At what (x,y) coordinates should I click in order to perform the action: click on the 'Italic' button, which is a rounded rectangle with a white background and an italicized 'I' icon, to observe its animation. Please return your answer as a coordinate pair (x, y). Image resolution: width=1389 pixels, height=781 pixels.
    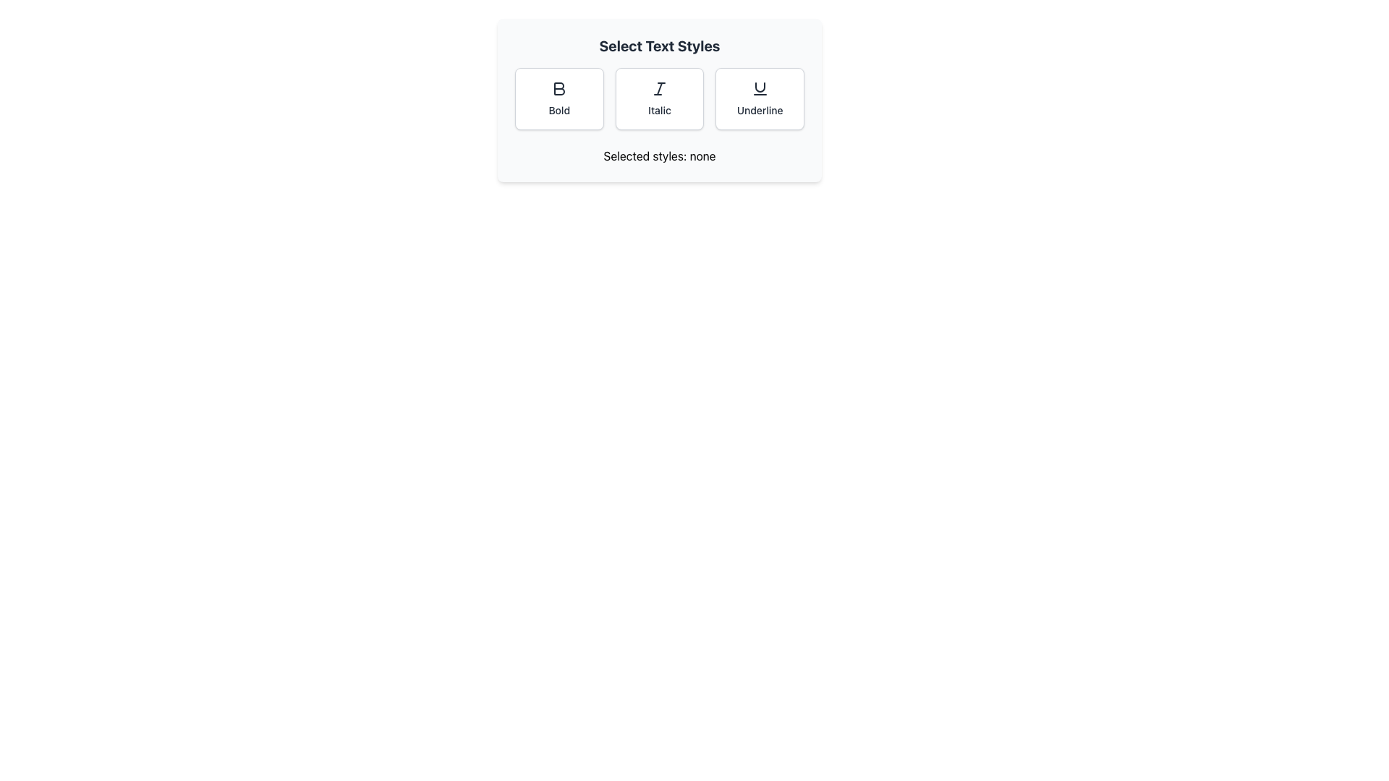
    Looking at the image, I should click on (659, 98).